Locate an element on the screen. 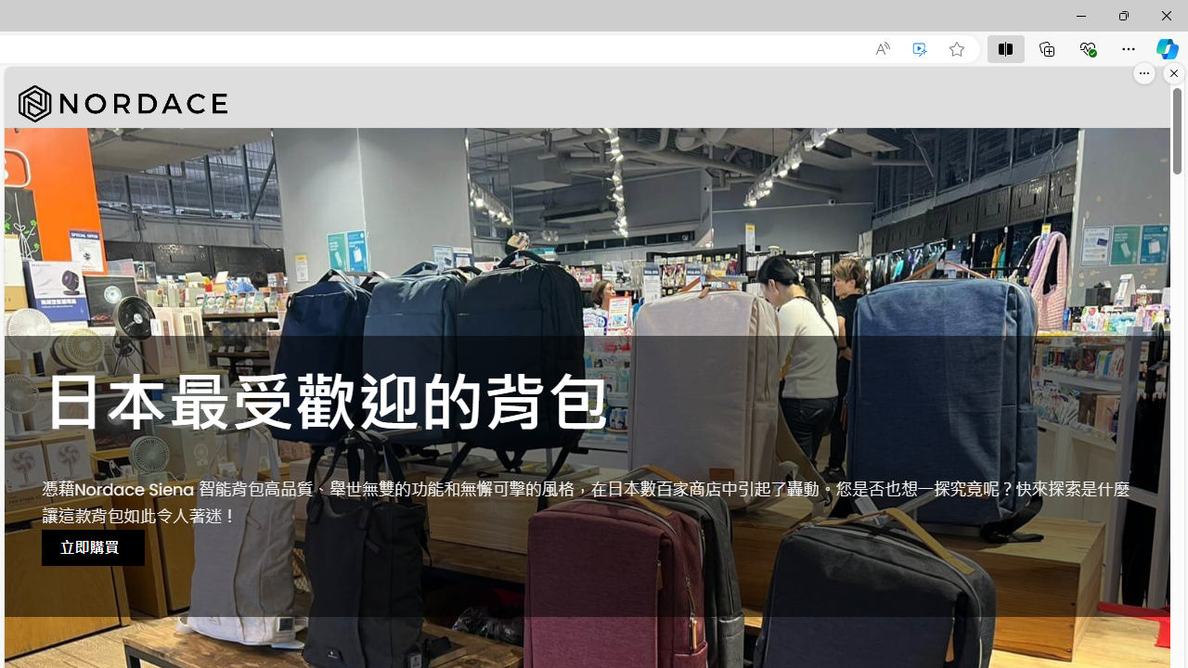 The width and height of the screenshot is (1188, 668). 'Restore' is located at coordinates (1122, 15).